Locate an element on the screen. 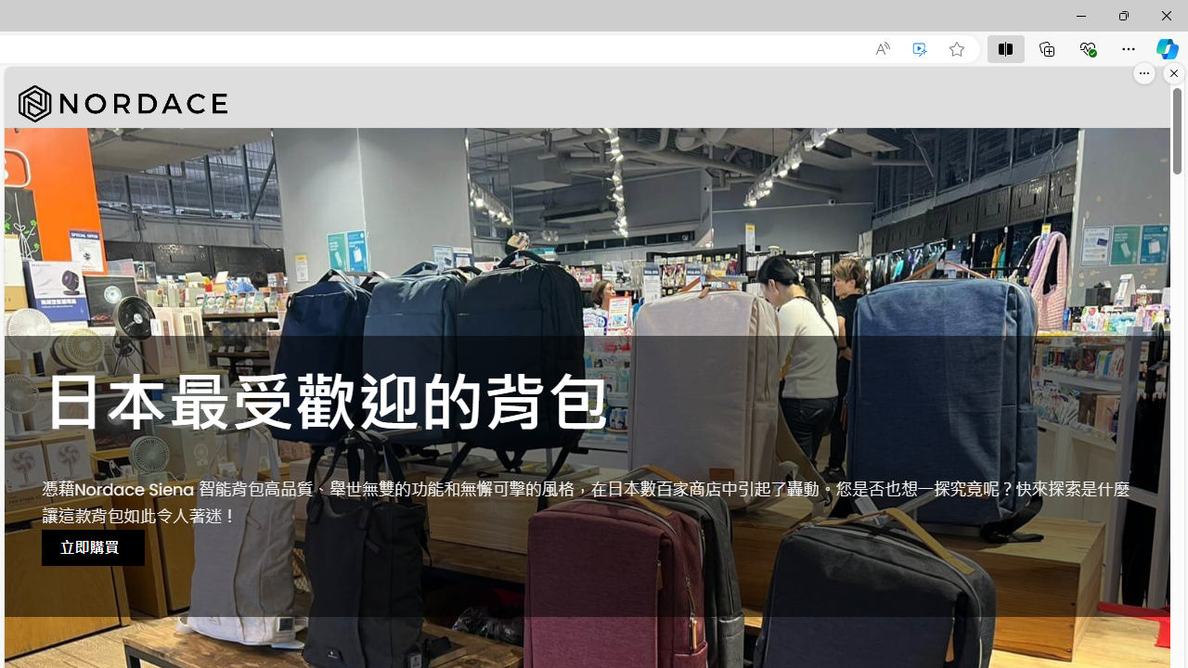 The width and height of the screenshot is (1188, 668). 'Restore' is located at coordinates (1122, 15).